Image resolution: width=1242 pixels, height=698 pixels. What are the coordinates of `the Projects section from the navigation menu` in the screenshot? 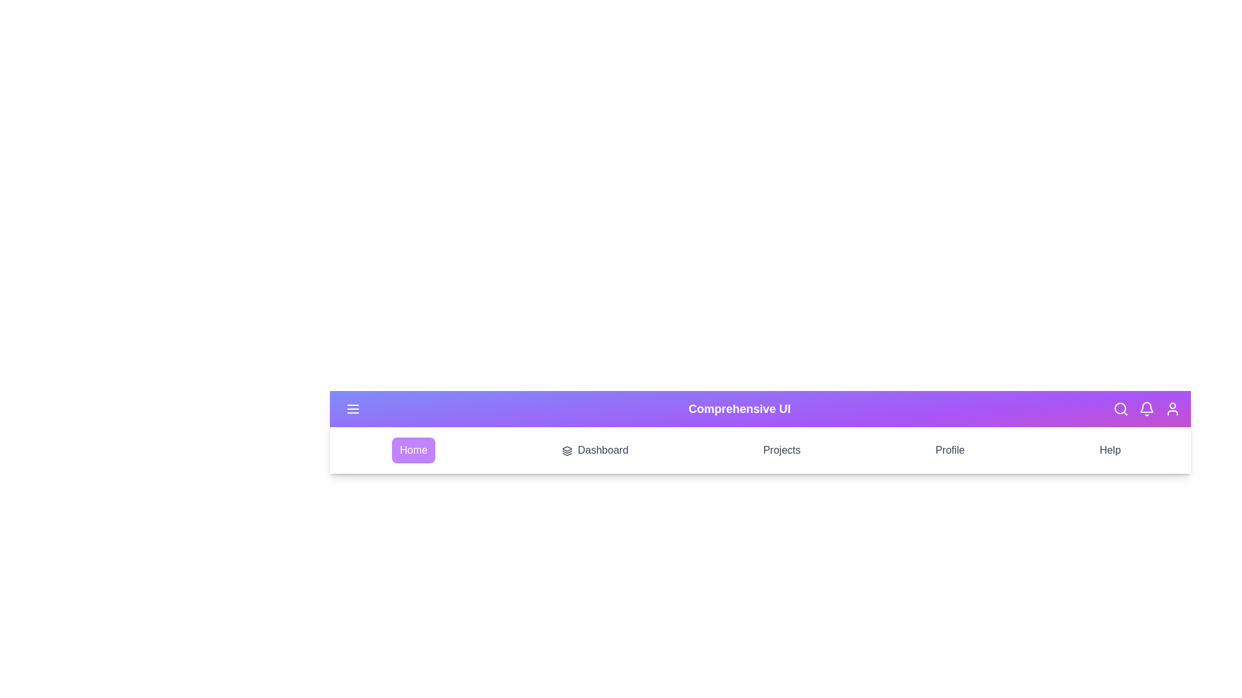 It's located at (781, 450).